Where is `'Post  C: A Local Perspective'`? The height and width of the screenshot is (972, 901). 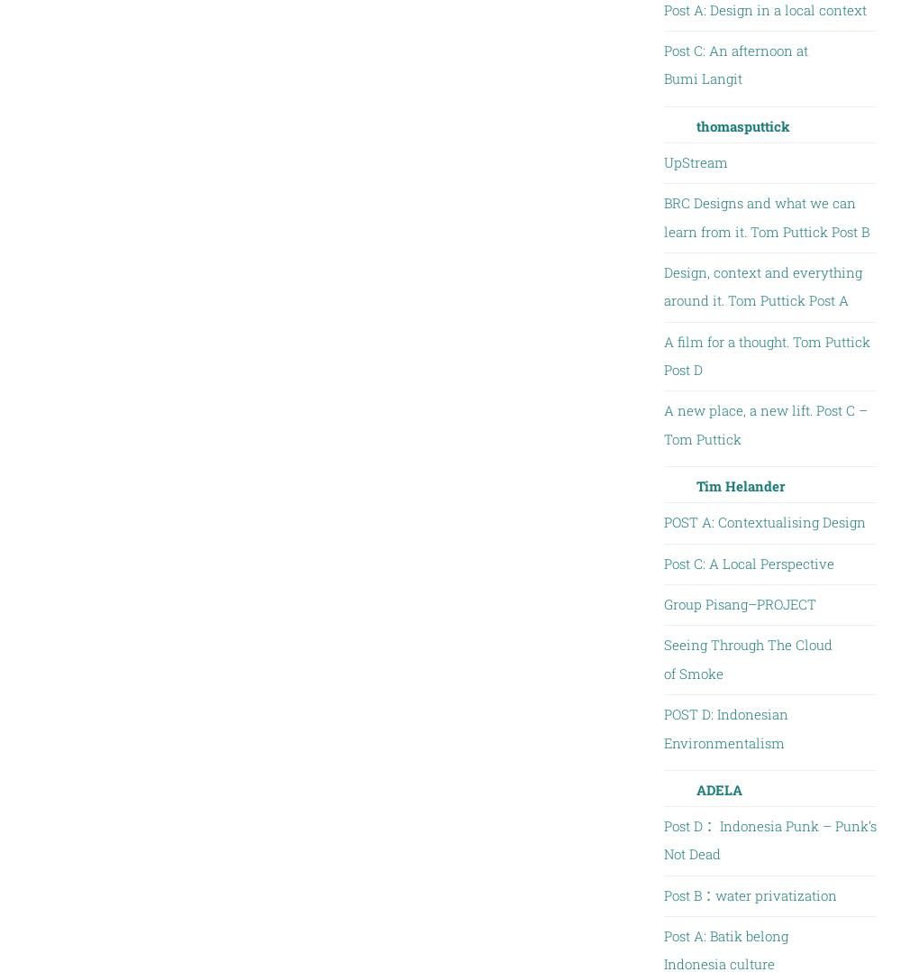 'Post  C: A Local Perspective' is located at coordinates (747, 561).